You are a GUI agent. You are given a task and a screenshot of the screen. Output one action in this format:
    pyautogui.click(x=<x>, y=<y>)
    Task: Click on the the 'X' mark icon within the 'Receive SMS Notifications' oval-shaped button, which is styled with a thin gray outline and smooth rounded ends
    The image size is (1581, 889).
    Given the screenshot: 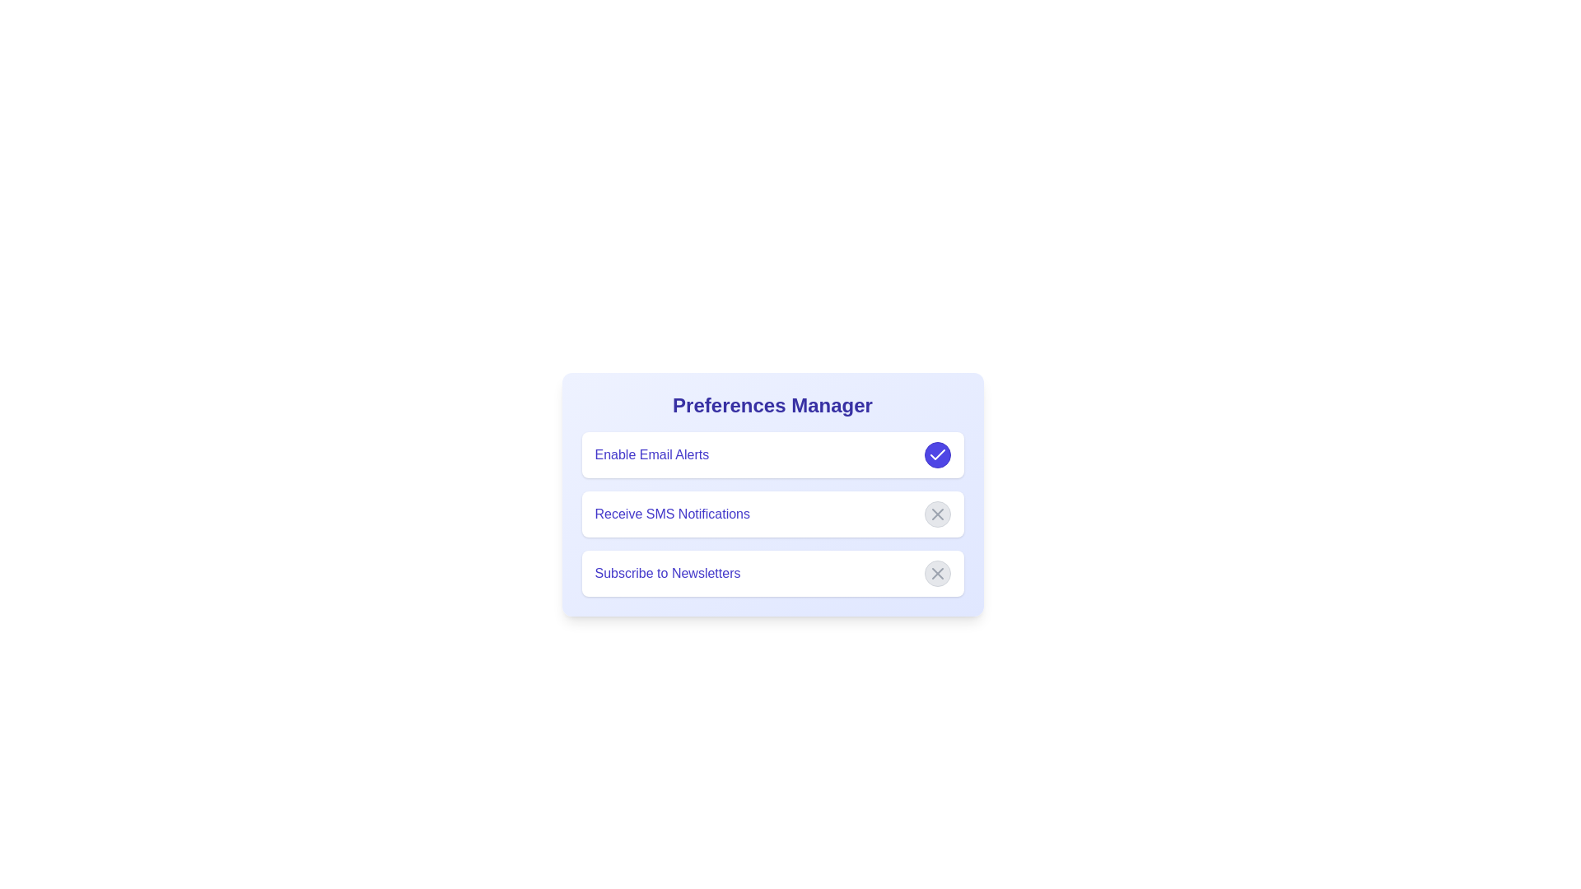 What is the action you would take?
    pyautogui.click(x=937, y=573)
    